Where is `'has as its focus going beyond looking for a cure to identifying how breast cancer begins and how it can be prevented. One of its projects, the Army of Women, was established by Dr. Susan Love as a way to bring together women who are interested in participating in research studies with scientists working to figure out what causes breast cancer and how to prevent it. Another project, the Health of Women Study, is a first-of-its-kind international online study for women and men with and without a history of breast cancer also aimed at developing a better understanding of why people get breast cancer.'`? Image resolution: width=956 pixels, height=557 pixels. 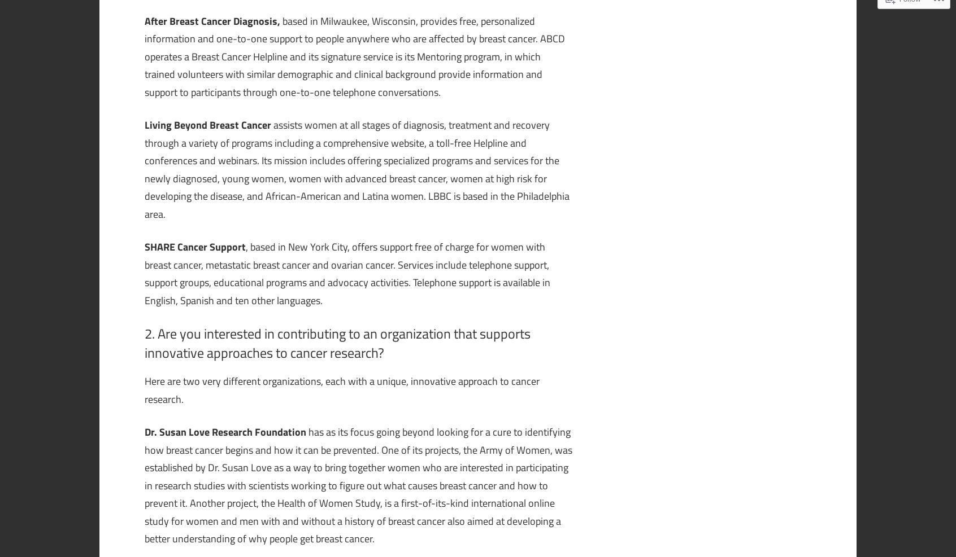
'has as its focus going beyond looking for a cure to identifying how breast cancer begins and how it can be prevented. One of its projects, the Army of Women, was established by Dr. Susan Love as a way to bring together women who are interested in participating in research studies with scientists working to figure out what causes breast cancer and how to prevent it. Another project, the Health of Women Study, is a first-of-its-kind international online study for women and men with and without a history of breast cancer also aimed at developing a better understanding of why people get breast cancer.' is located at coordinates (358, 484).